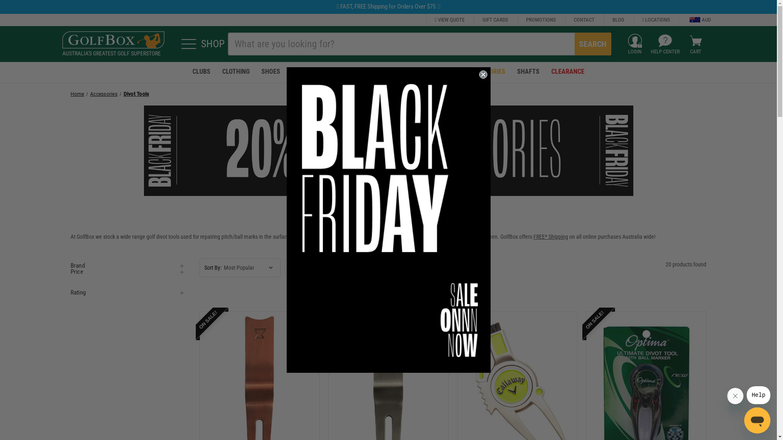  Describe the element at coordinates (541, 20) in the screenshot. I see `'PROMOTIONS'` at that location.